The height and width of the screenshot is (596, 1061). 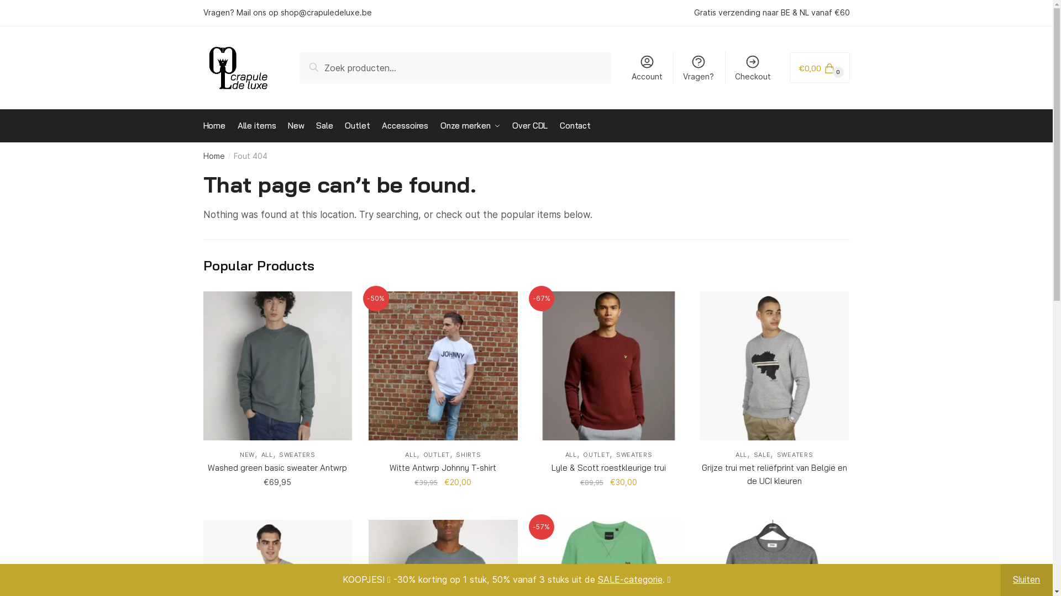 I want to click on 'Lyle & Scott roestkleurige trui', so click(x=608, y=468).